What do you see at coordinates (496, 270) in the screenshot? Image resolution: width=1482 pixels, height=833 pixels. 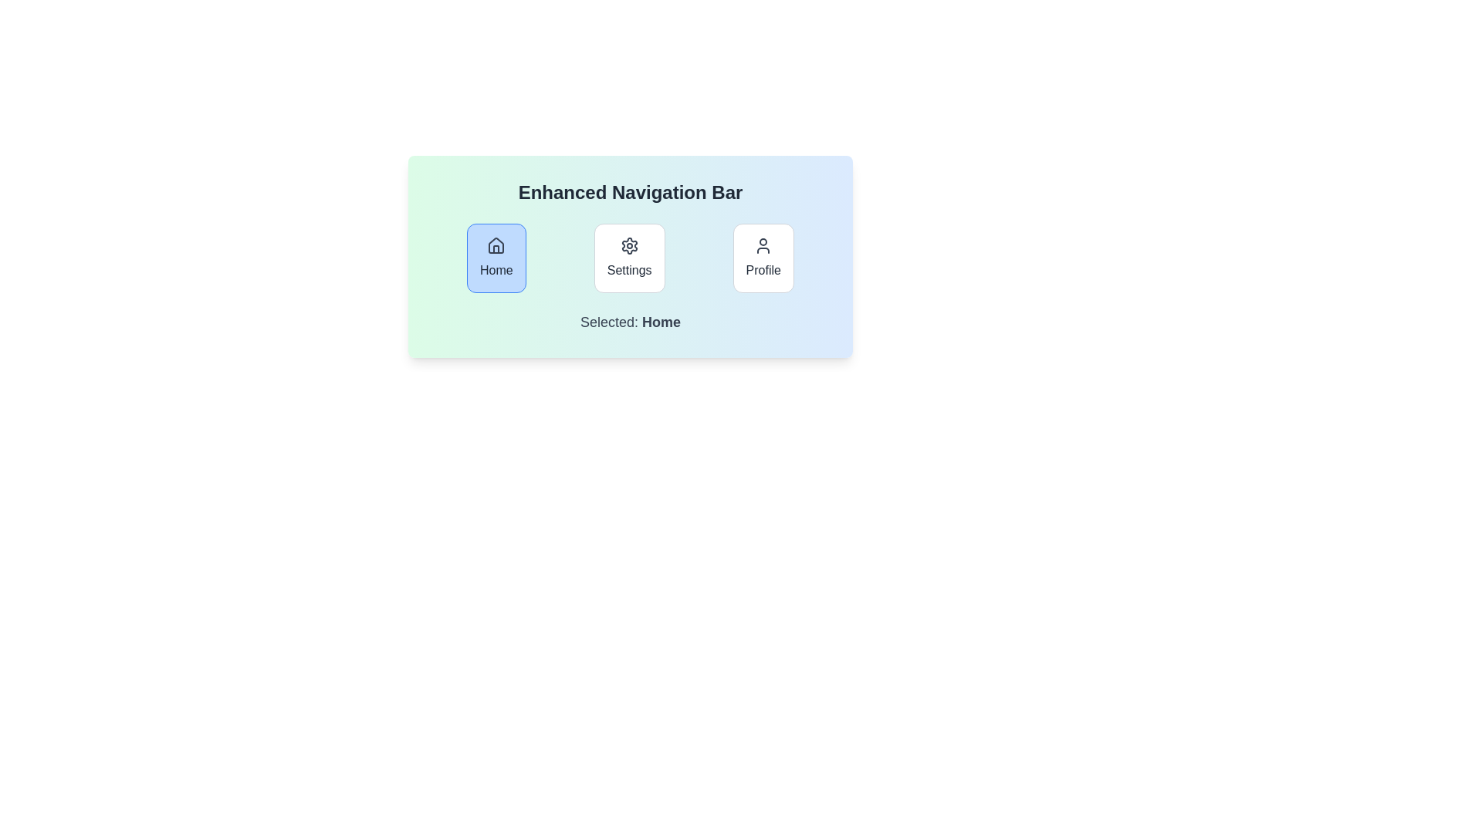 I see `the text label that reads 'Home', which is styled with a medium-weight font and gray color, located below a house icon` at bounding box center [496, 270].